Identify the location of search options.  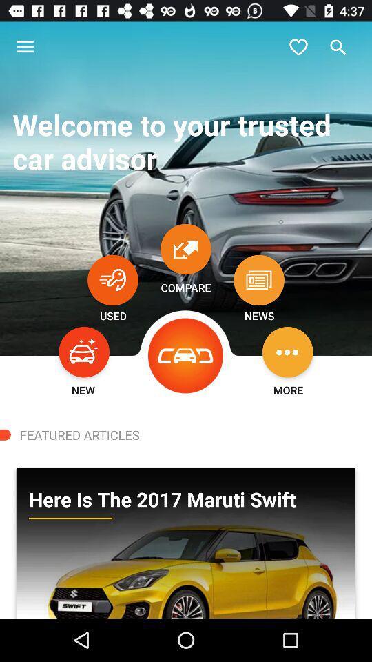
(338, 47).